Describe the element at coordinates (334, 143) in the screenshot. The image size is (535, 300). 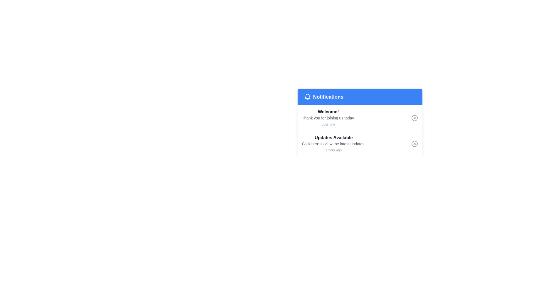
I see `information displayed in the second notification card under the header 'Notifications', which provides a summary and timestamp about the availability of updates` at that location.